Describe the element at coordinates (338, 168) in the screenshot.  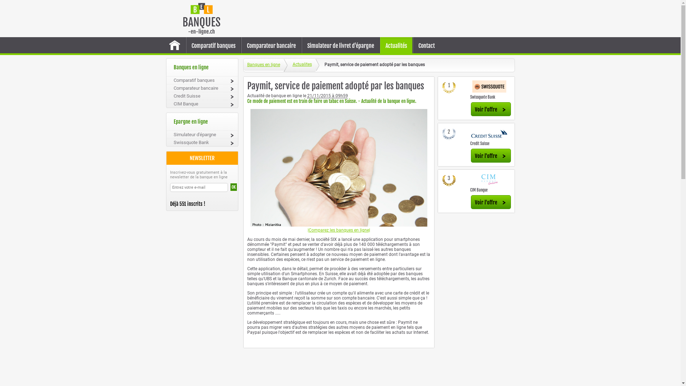
I see `'Paymit-banques-en-ligne'` at that location.